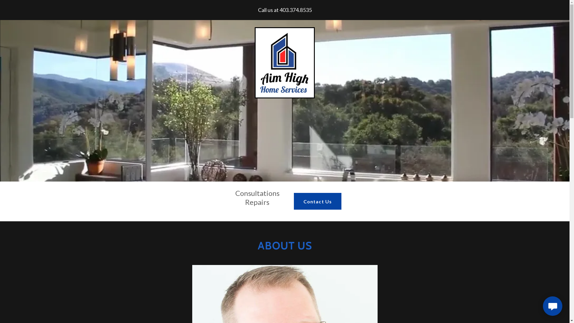 Image resolution: width=574 pixels, height=323 pixels. Describe the element at coordinates (295, 10) in the screenshot. I see `'403.374.8535'` at that location.